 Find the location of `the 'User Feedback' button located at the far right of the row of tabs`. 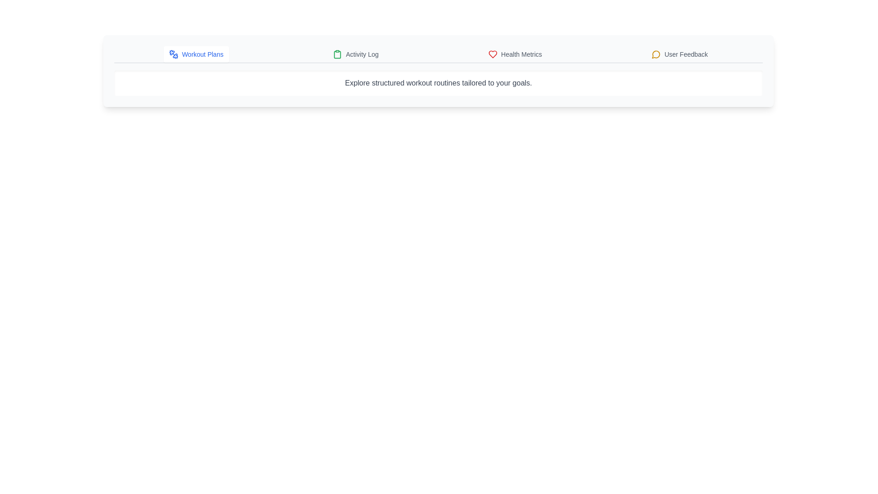

the 'User Feedback' button located at the far right of the row of tabs is located at coordinates (680, 54).